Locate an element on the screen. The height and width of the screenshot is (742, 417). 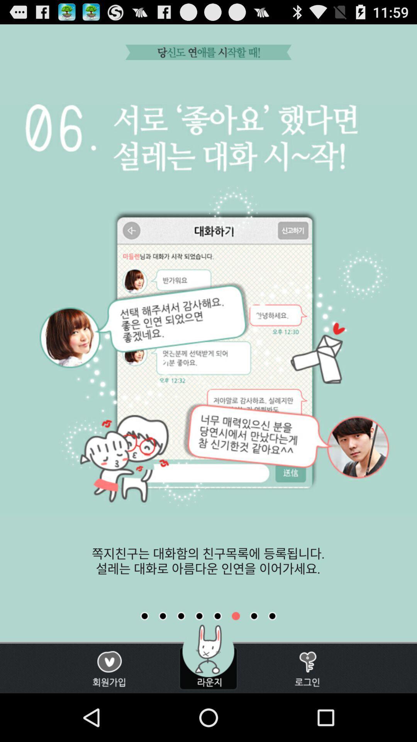
autoplay option is located at coordinates (144, 616).